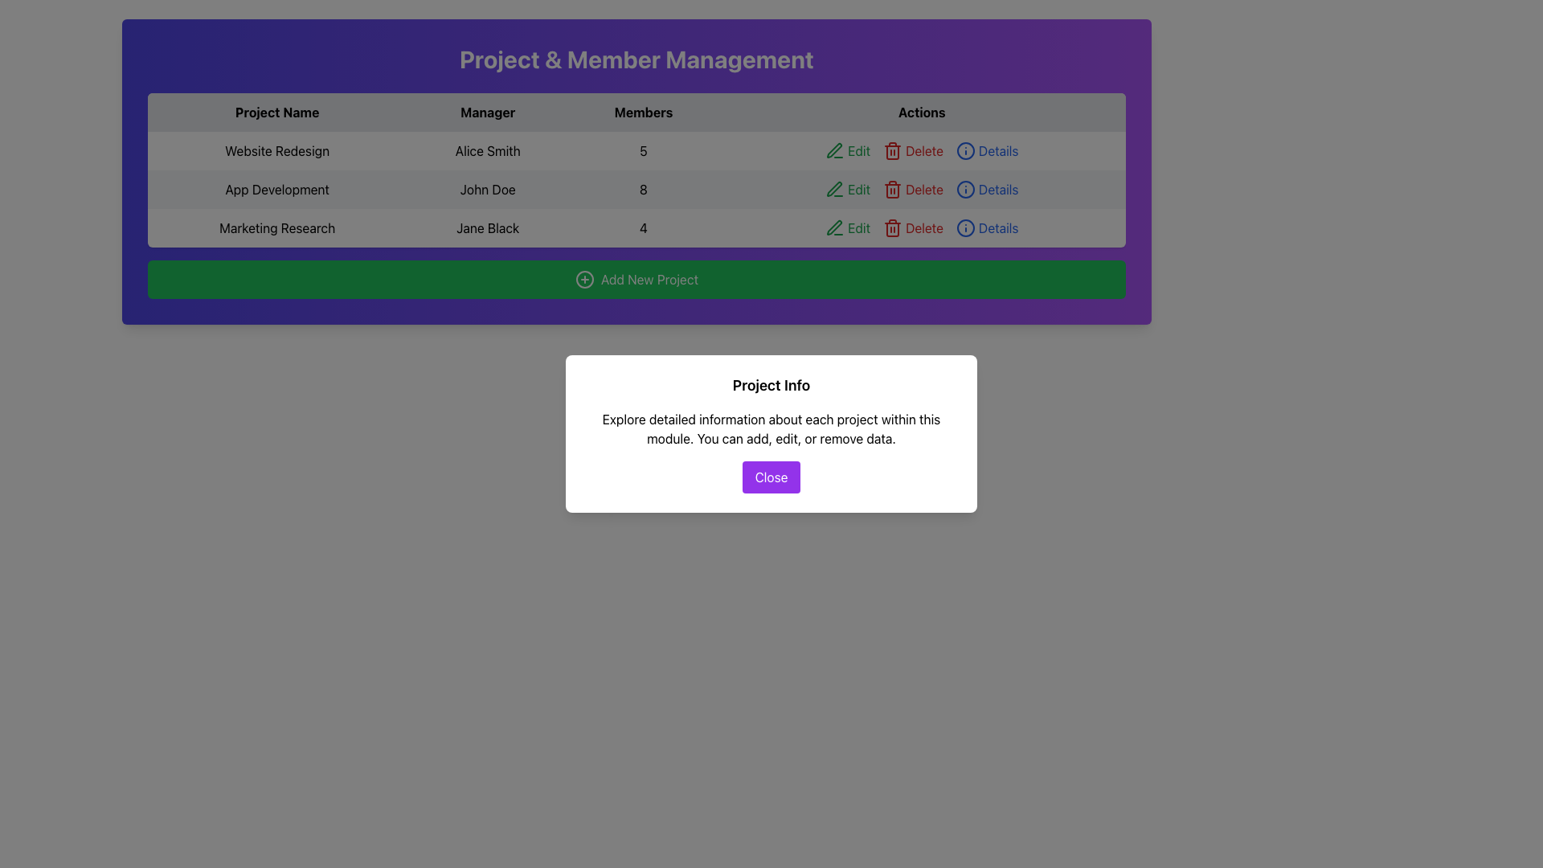 This screenshot has height=868, width=1543. Describe the element at coordinates (583, 278) in the screenshot. I see `the circular '+' icon inside the green 'Add New Project' button located at the bottom of the project table` at that location.